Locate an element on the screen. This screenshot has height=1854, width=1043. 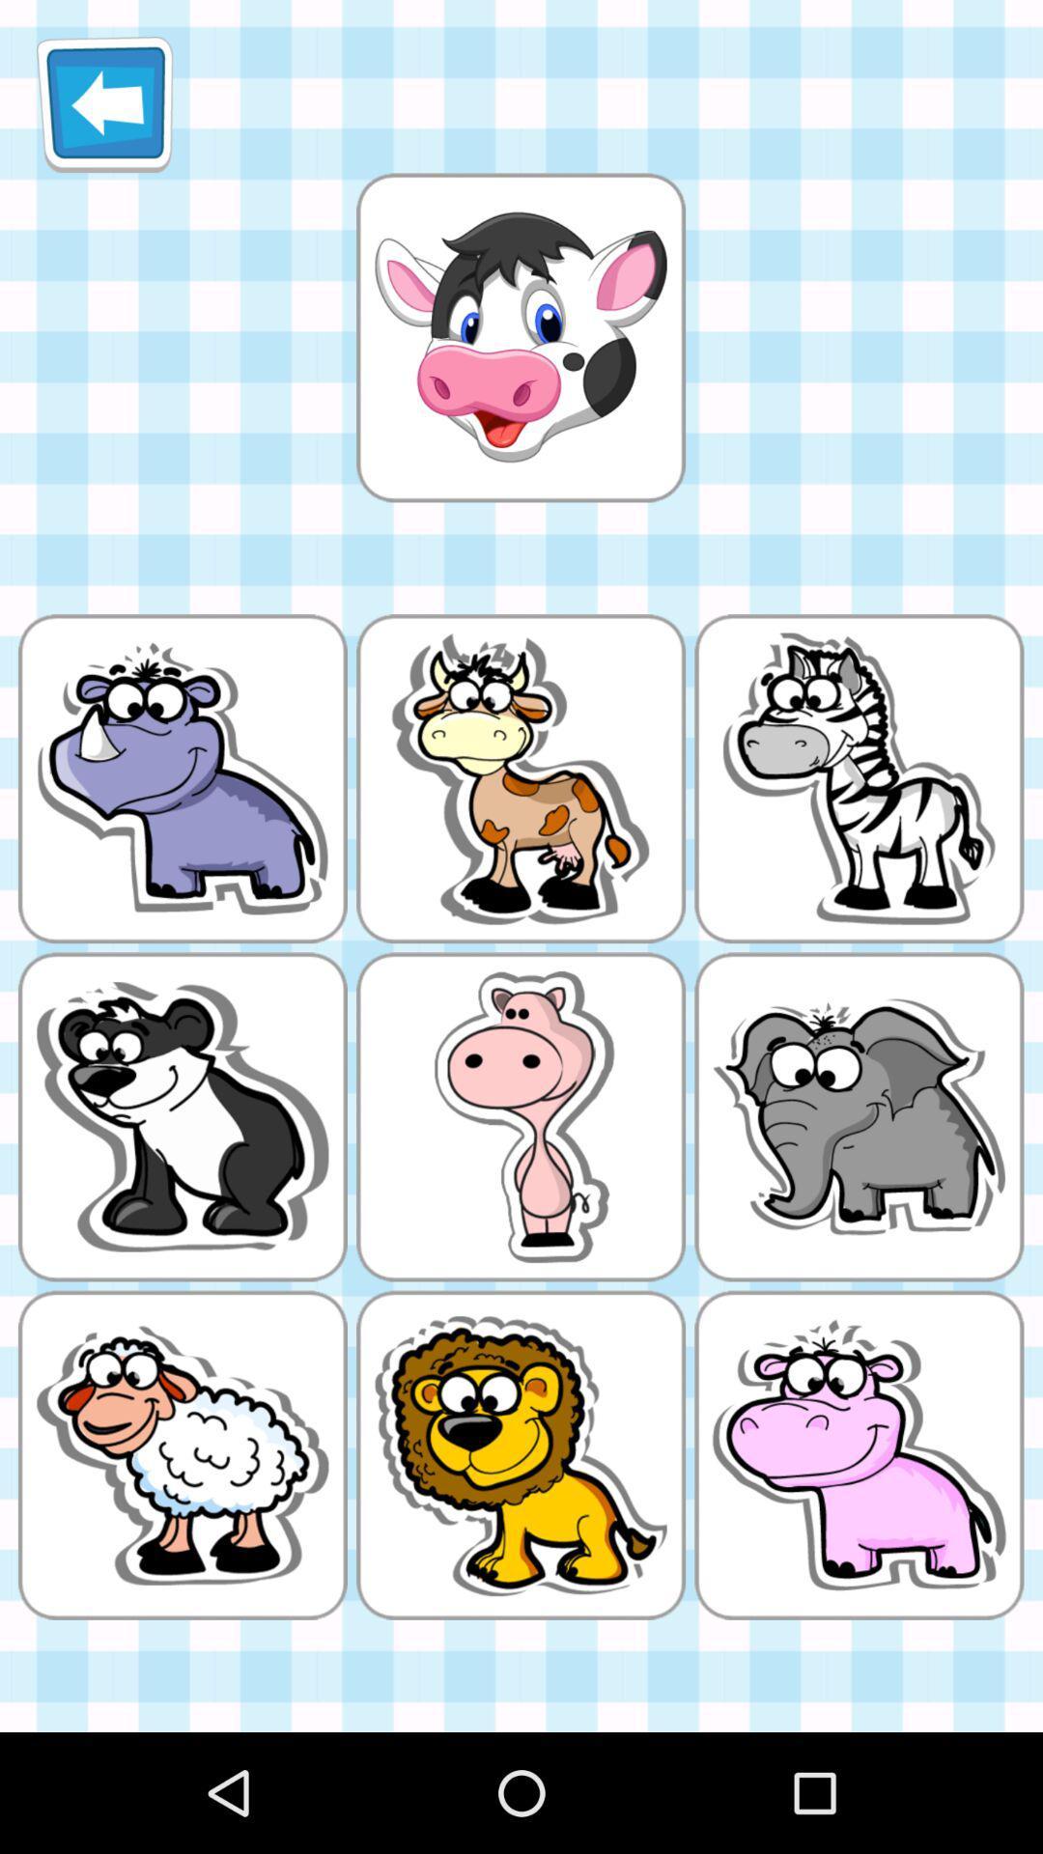
emoji is located at coordinates (520, 337).